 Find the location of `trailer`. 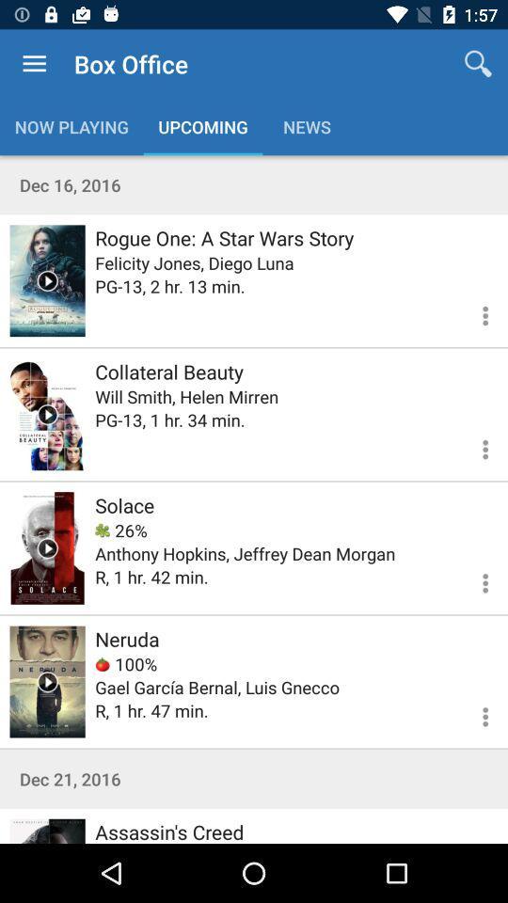

trailer is located at coordinates (47, 681).